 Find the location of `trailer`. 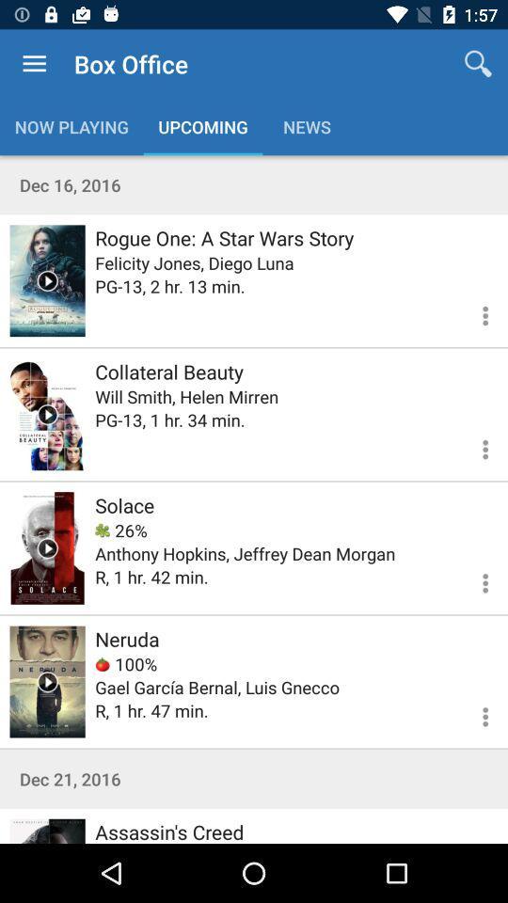

trailer is located at coordinates (47, 681).